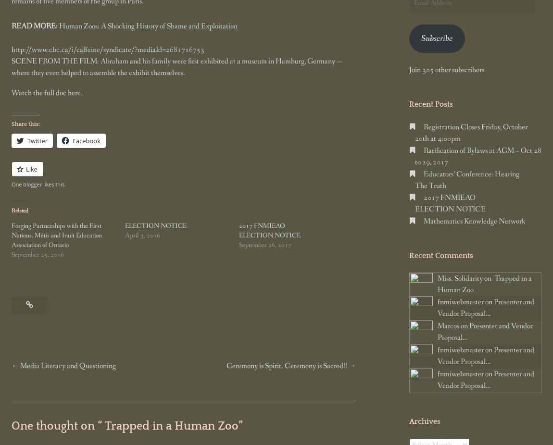  Describe the element at coordinates (177, 66) in the screenshot. I see `'SCENE FROM THE FILM: Abraham and his family were first exhibited at a museum in Hamburg, Germany — where they even helped to assemble the exhibit themselves.'` at that location.